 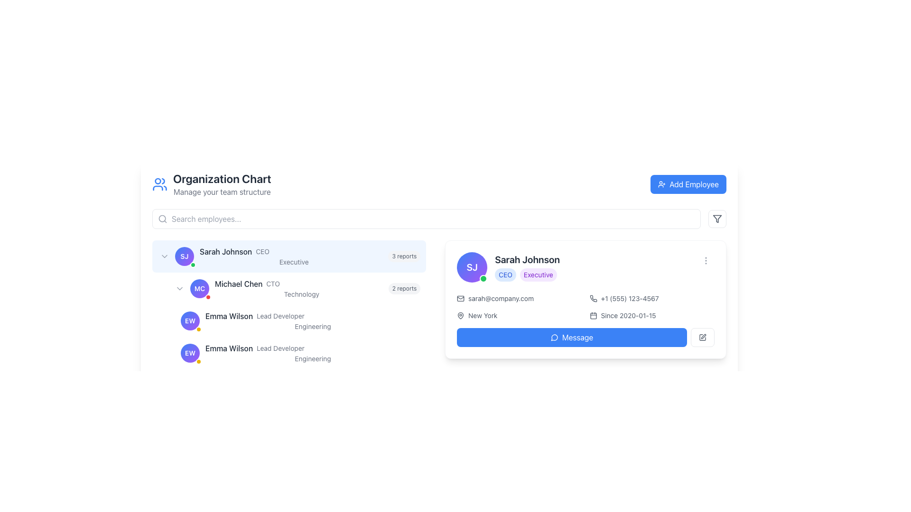 I want to click on text from the Label or Badge indicating the roles 'CEO' and 'Executive' for the individual 'Sarah Johnson', which is located below the name and above the contact information in the detailed information card, so click(x=527, y=274).